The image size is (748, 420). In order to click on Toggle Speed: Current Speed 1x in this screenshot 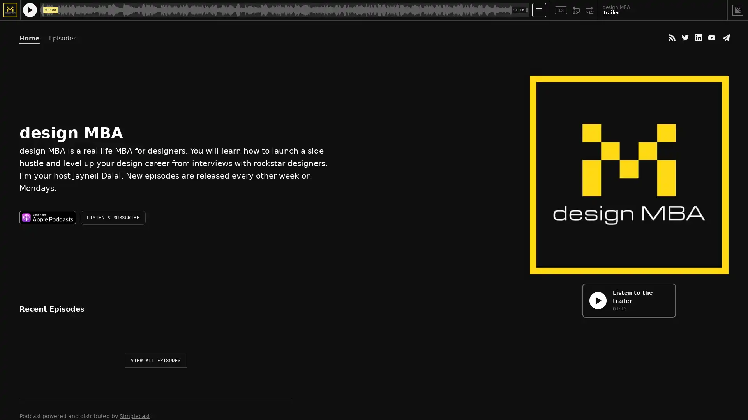, I will do `click(561, 10)`.